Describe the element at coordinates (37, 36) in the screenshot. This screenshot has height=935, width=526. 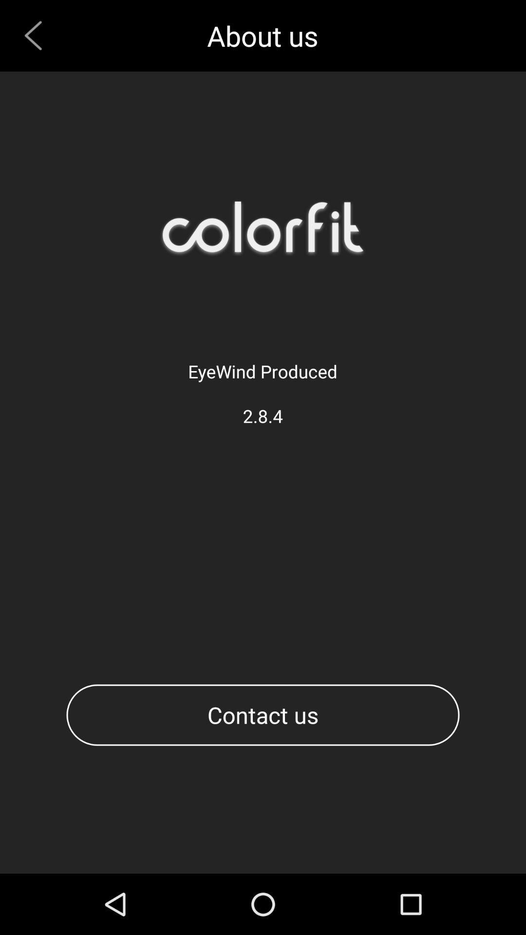
I see `the icon at the top left corner` at that location.